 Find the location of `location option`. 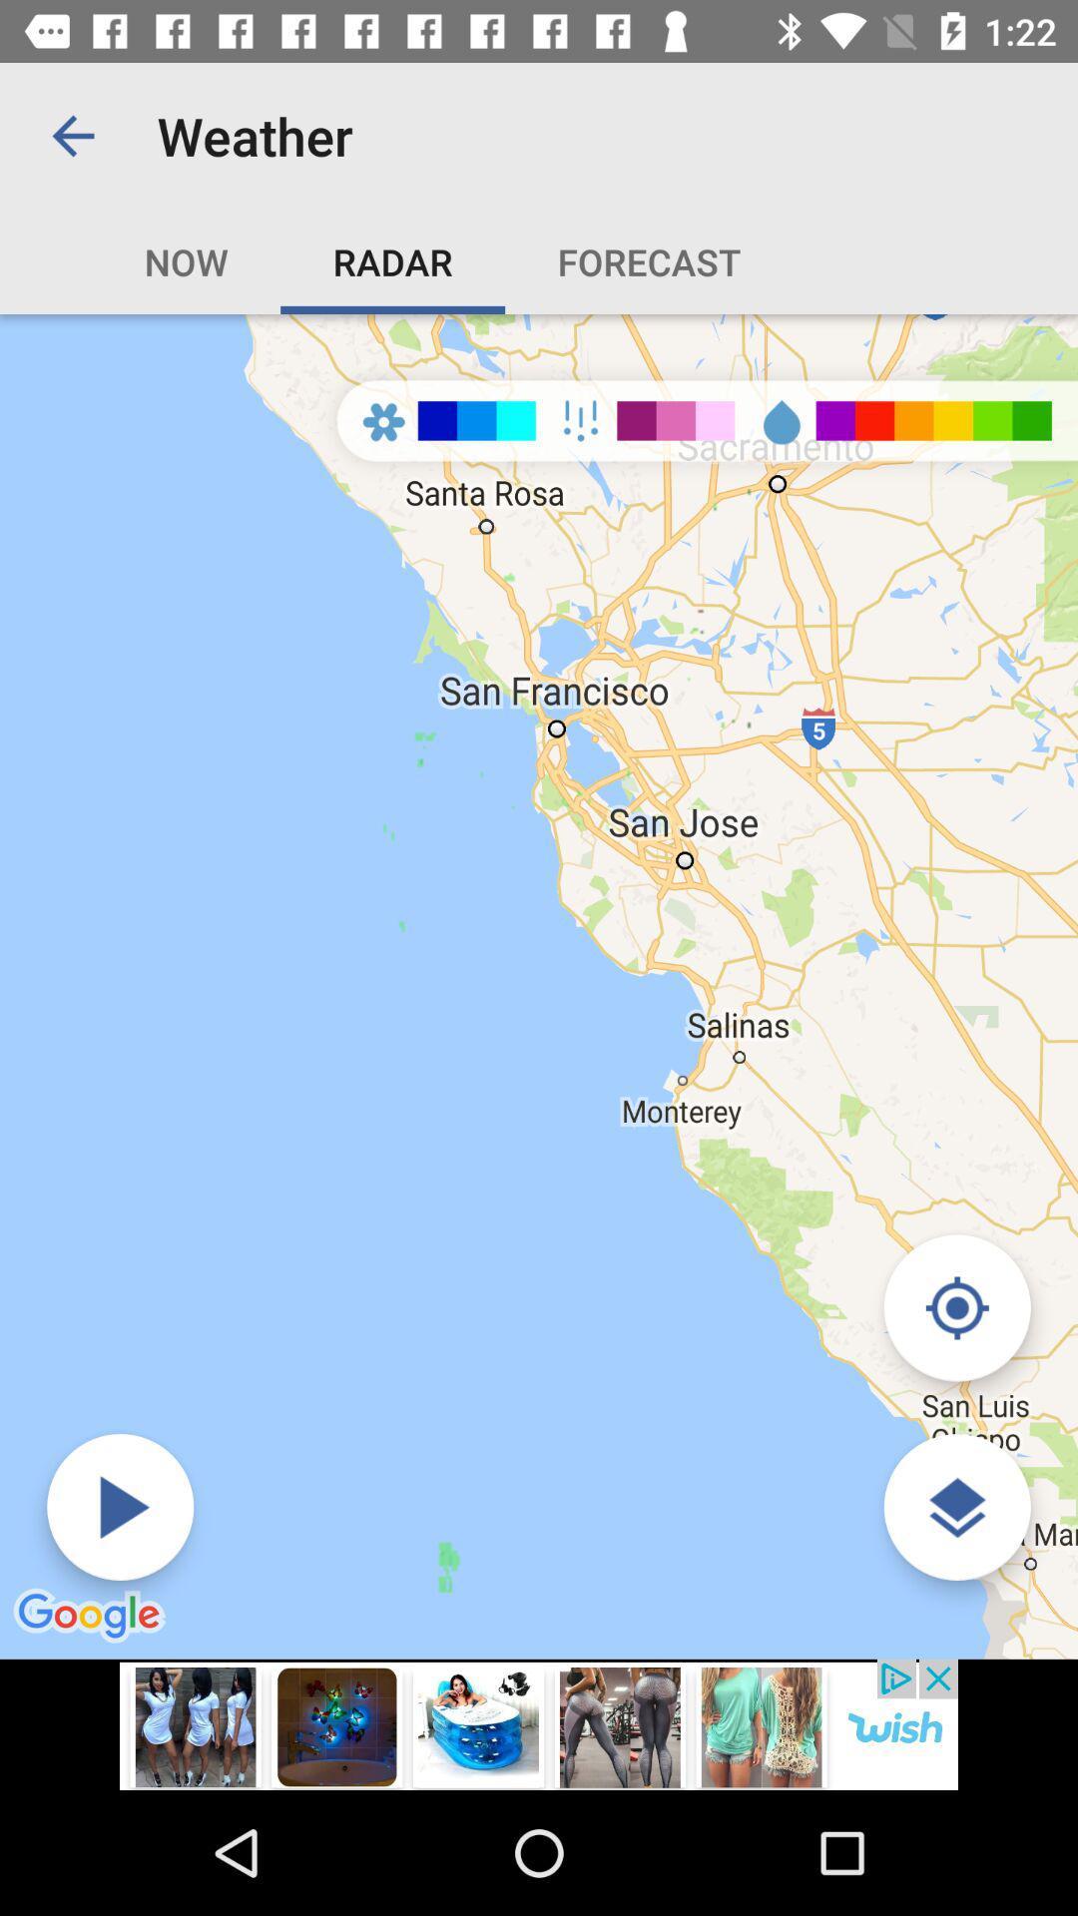

location option is located at coordinates (956, 1307).